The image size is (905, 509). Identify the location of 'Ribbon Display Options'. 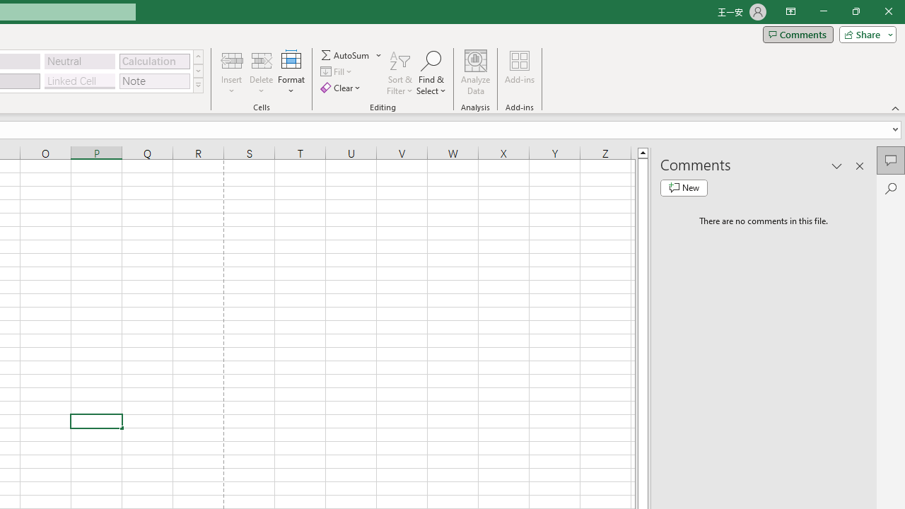
(790, 11).